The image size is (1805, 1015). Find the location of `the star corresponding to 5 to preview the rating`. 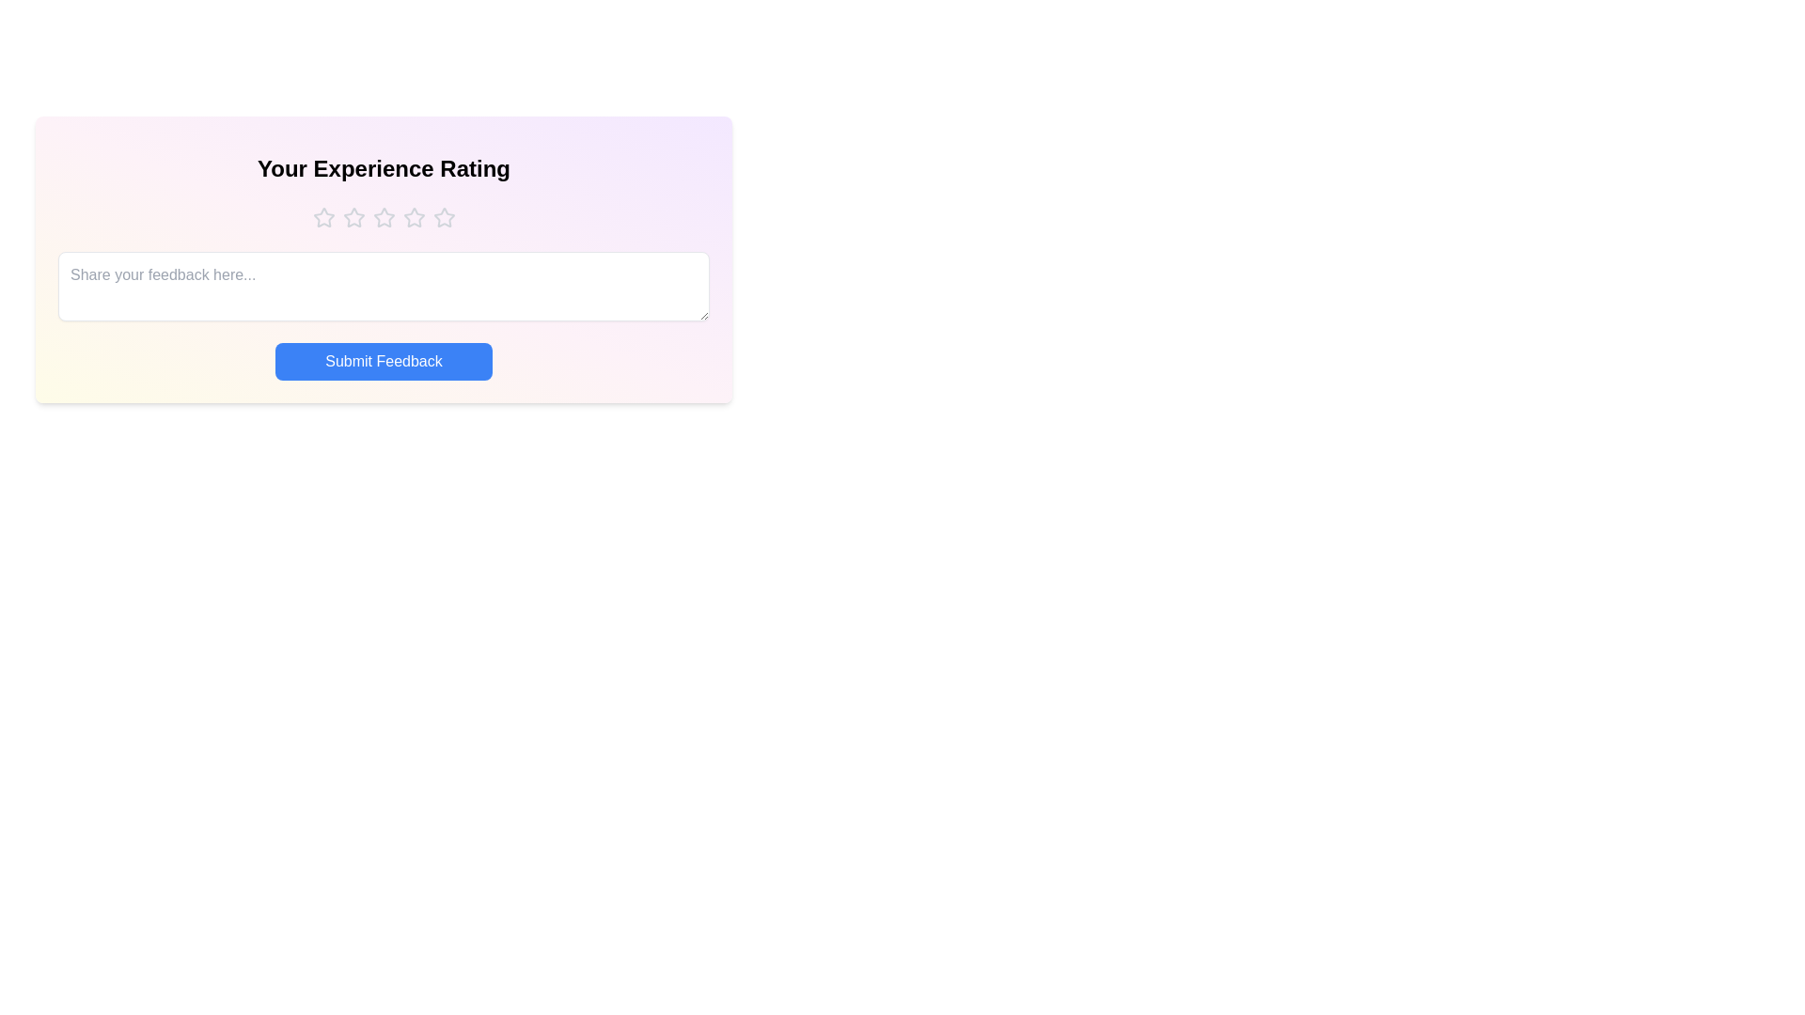

the star corresponding to 5 to preview the rating is located at coordinates (443, 216).